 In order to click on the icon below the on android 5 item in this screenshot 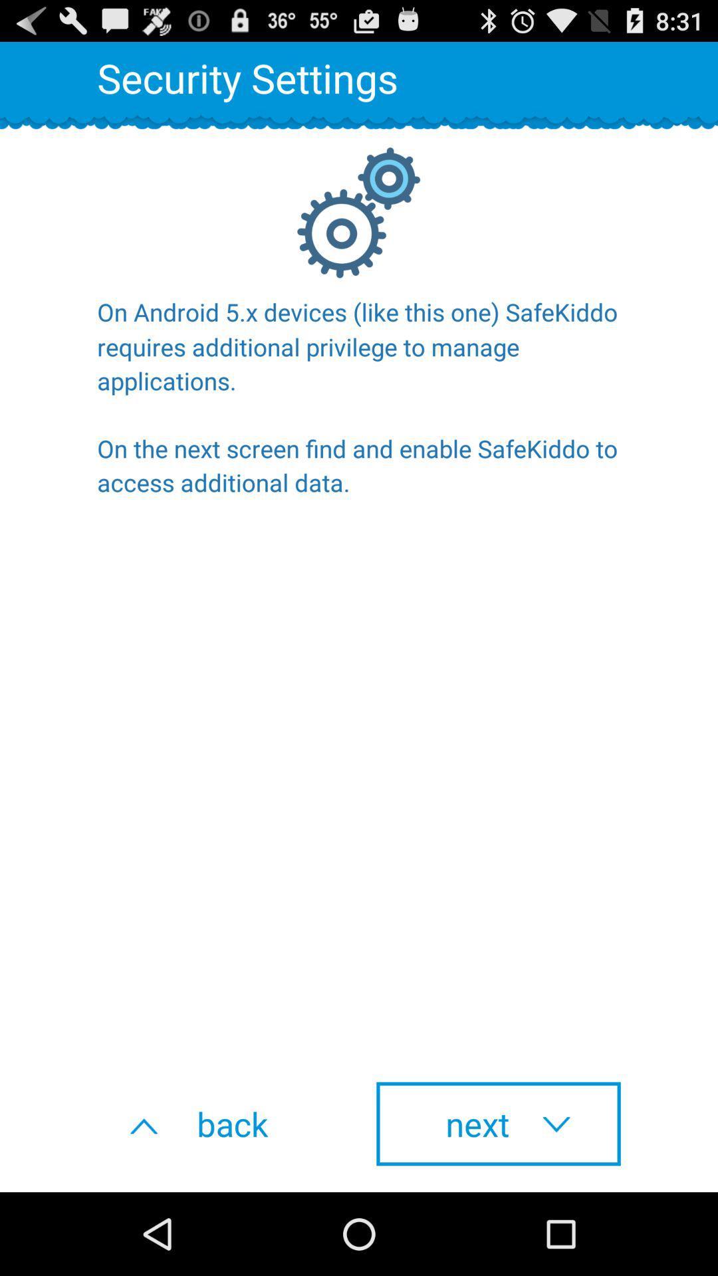, I will do `click(219, 1123)`.